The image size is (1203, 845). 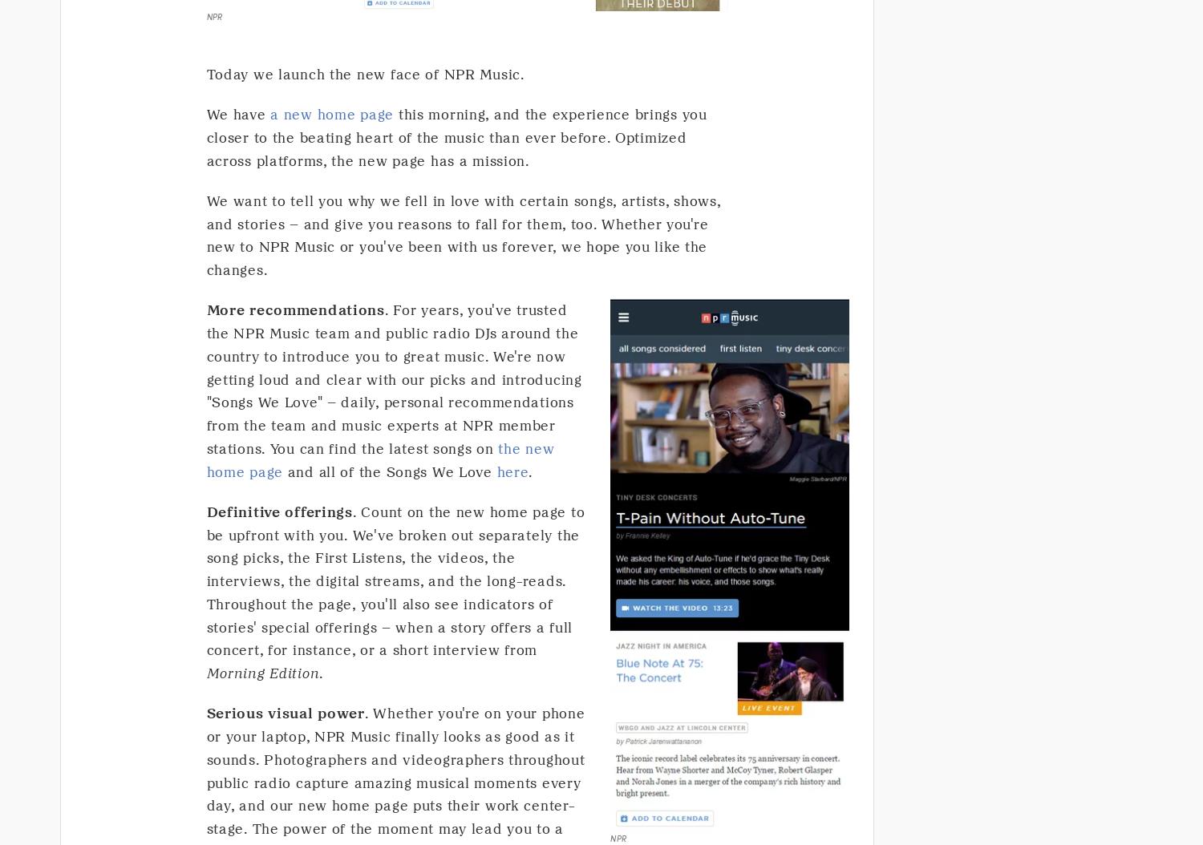 I want to click on 'the new home page', so click(x=379, y=459).